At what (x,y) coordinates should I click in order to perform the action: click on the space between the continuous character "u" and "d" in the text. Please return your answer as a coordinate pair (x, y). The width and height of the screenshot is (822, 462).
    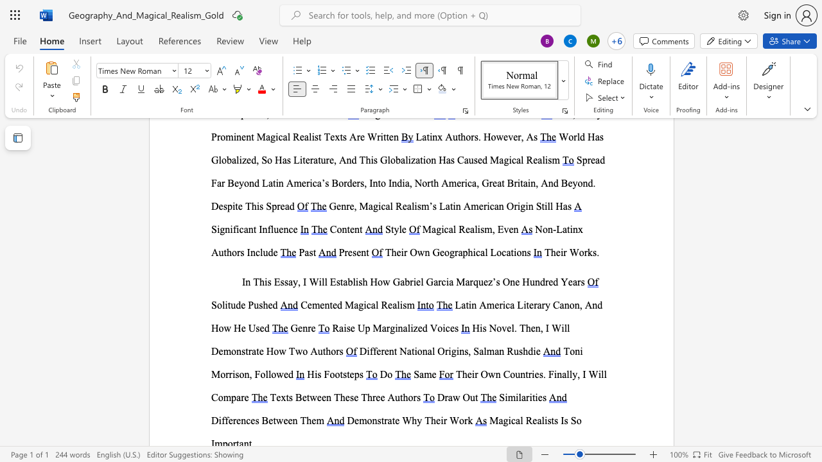
    Looking at the image, I should click on (267, 252).